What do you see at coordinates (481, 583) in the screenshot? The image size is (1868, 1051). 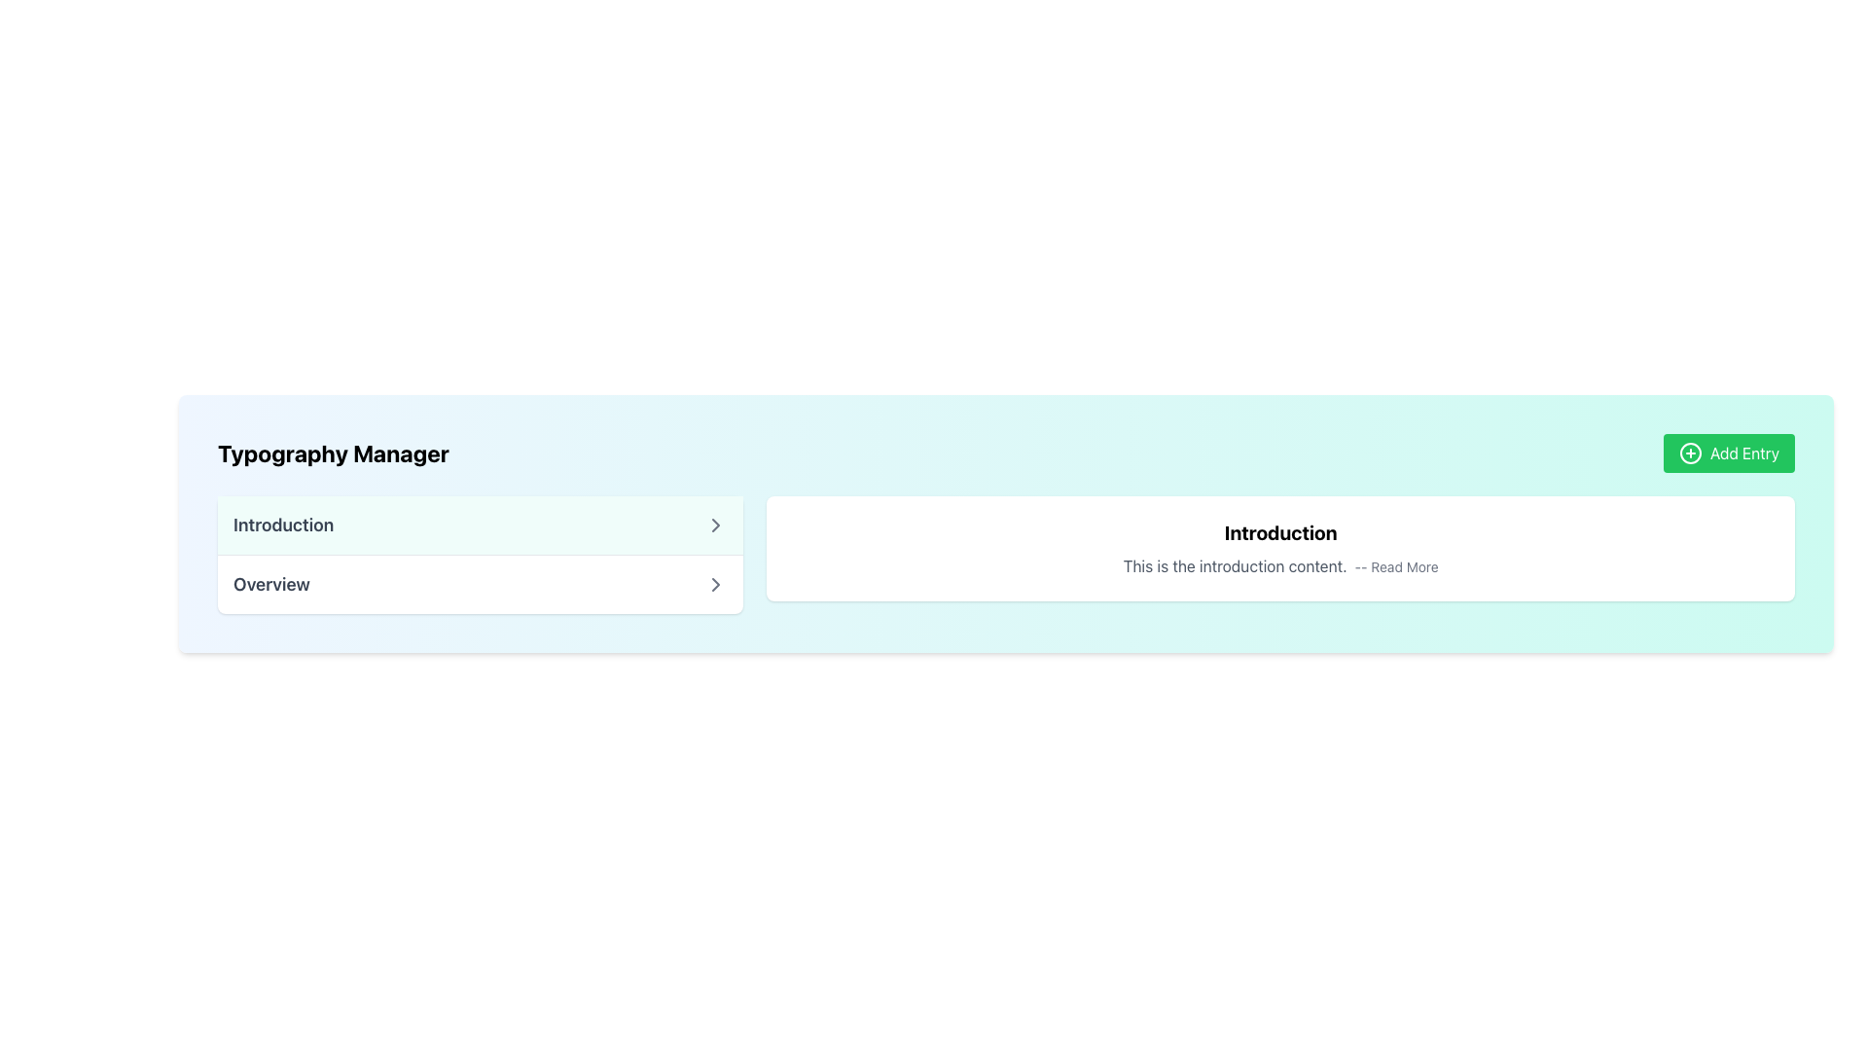 I see `the 'Overview' button located in the vertical list` at bounding box center [481, 583].